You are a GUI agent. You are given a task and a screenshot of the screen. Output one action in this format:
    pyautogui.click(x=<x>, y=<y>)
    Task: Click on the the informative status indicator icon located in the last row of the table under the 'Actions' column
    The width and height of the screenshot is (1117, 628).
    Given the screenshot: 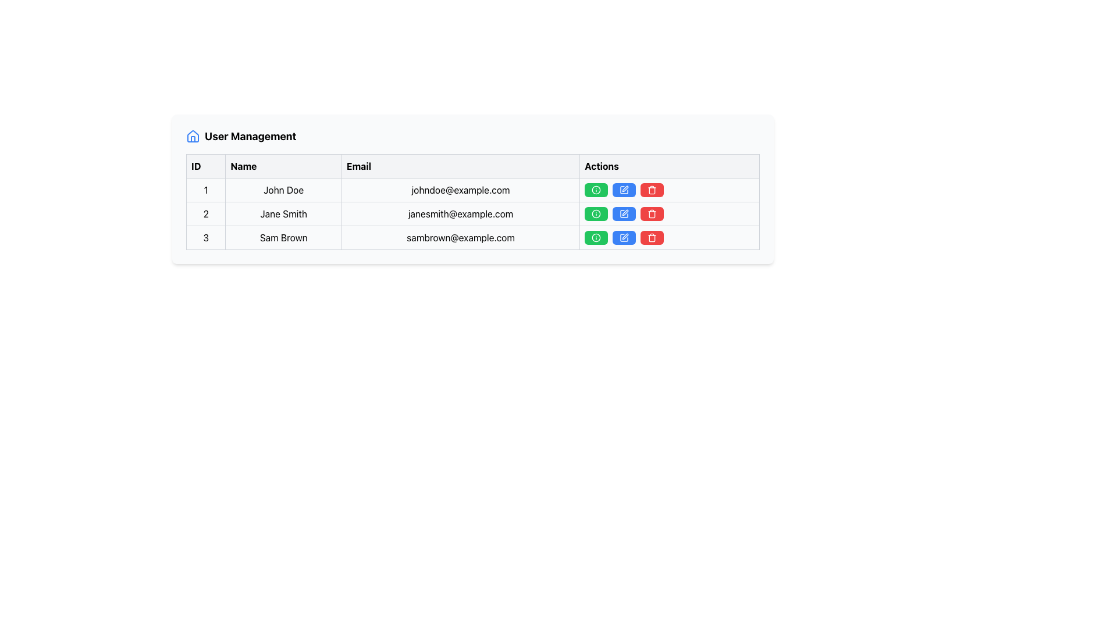 What is the action you would take?
    pyautogui.click(x=596, y=237)
    